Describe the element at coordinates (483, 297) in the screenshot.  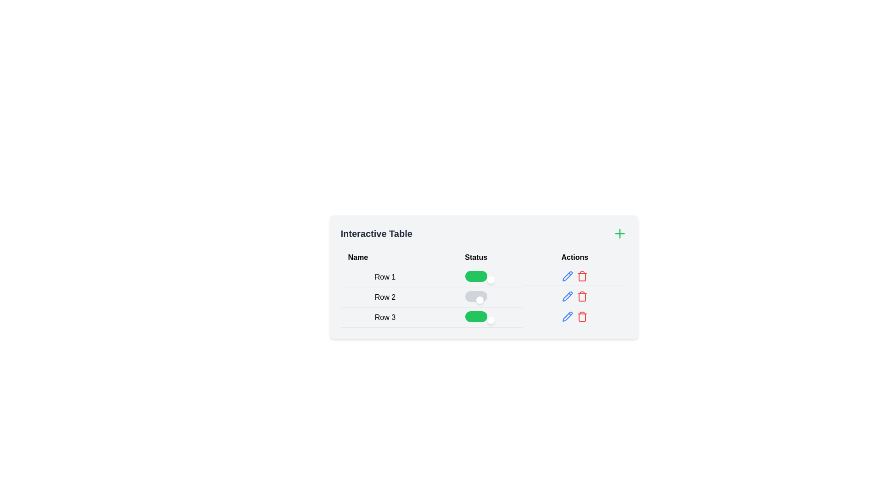
I see `the toggle switch in the 'Status' column of the interactive table, specifically in Row 2` at that location.